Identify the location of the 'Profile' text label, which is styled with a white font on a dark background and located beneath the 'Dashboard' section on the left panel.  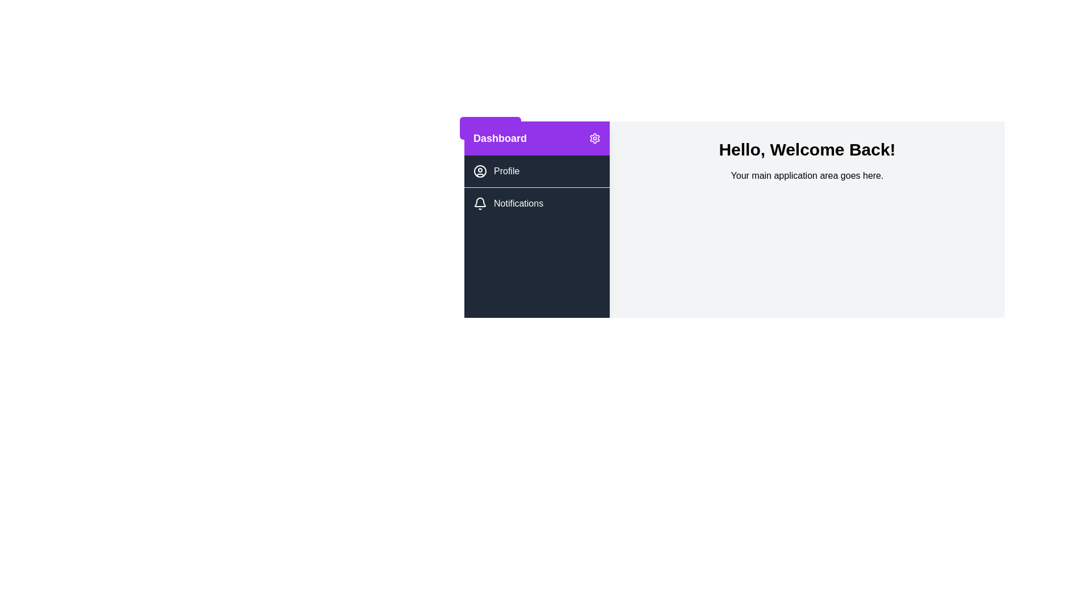
(506, 171).